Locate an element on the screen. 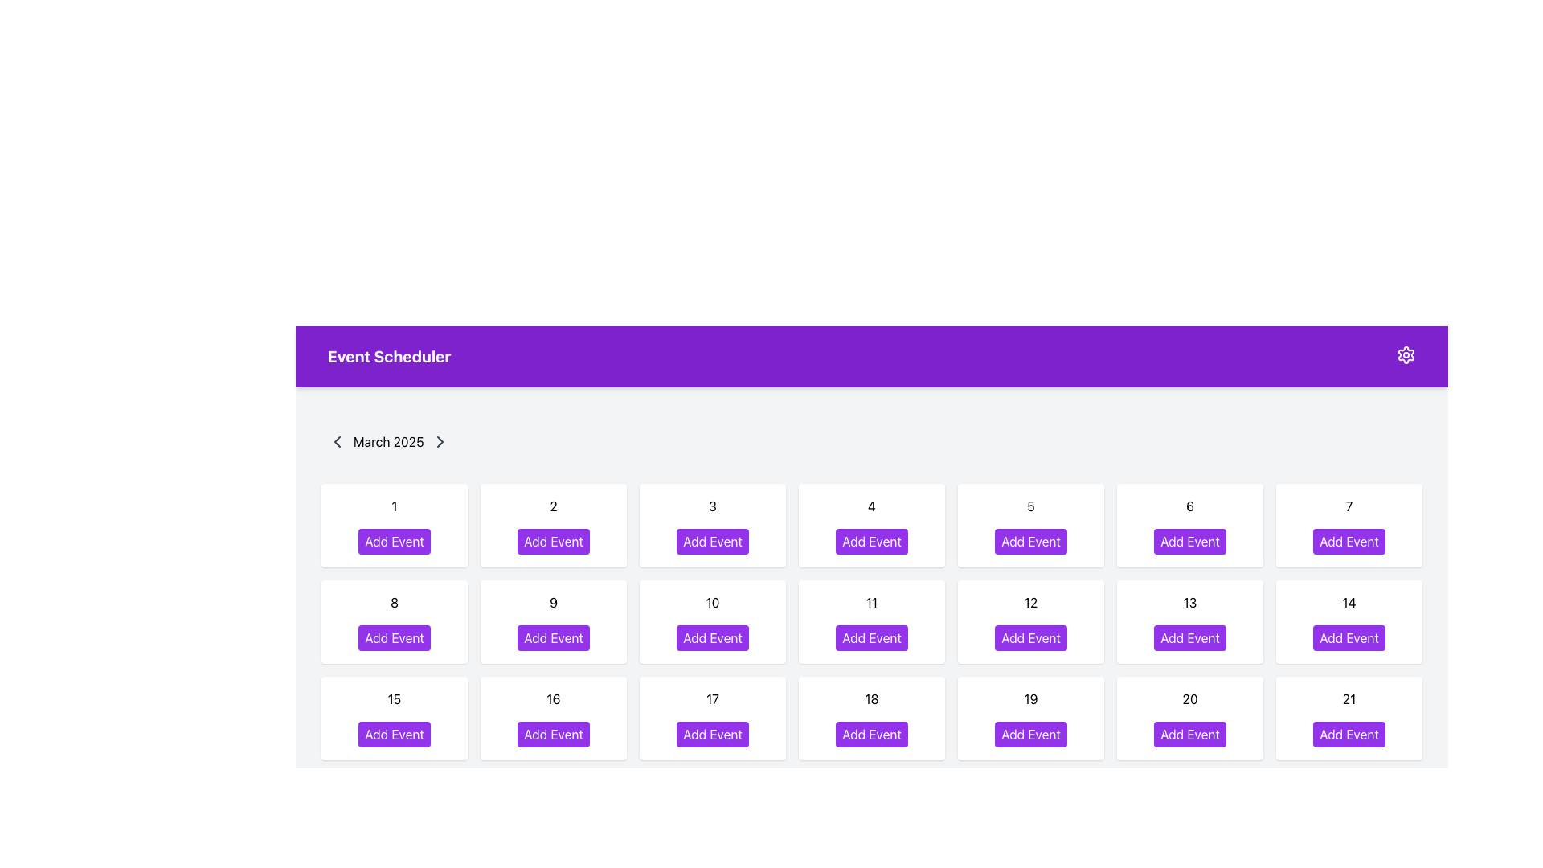  the button labeled 'Add Event' which has a purple background and white text, located is located at coordinates (394, 542).